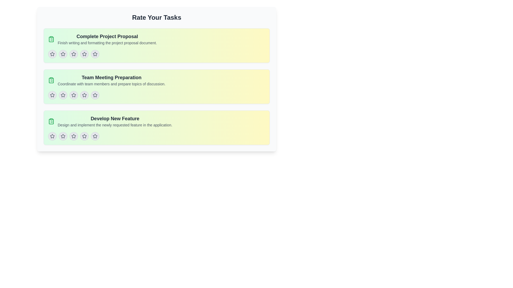 The image size is (513, 288). Describe the element at coordinates (52, 95) in the screenshot. I see `the leftmost star icon in the rating row of the 'Team Meeting Preparation' section` at that location.